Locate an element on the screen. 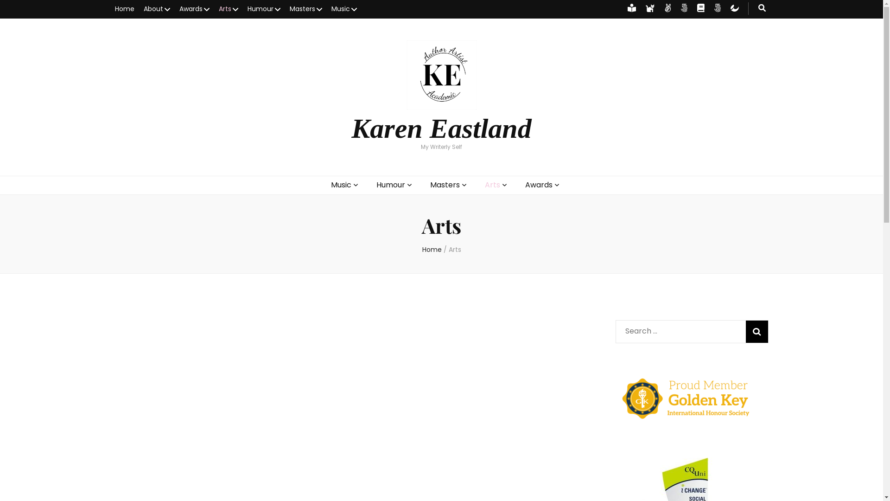 The height and width of the screenshot is (501, 890). 'Humour' is located at coordinates (263, 9).